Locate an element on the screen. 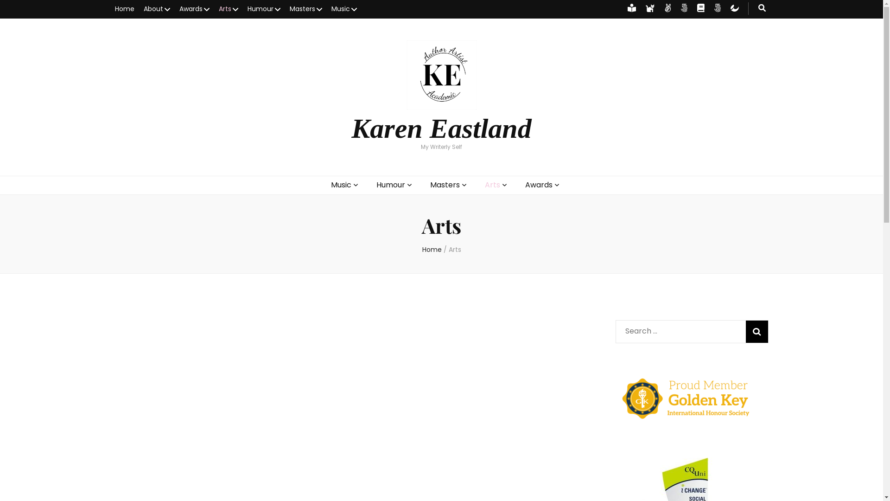 The height and width of the screenshot is (501, 890). 'Humour' is located at coordinates (263, 9).